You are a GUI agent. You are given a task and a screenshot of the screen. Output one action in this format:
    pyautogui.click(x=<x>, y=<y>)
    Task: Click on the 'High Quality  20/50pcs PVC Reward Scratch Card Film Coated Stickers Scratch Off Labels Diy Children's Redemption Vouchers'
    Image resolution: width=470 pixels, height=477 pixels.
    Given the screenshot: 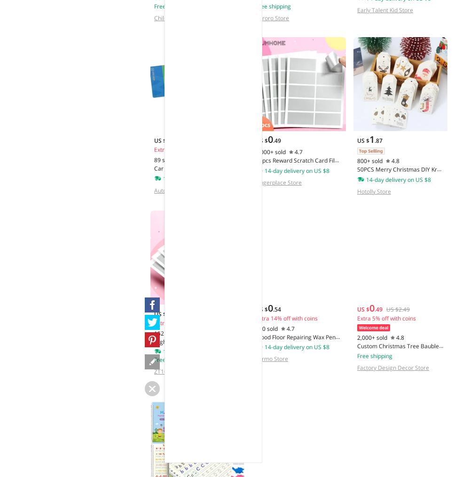 What is the action you would take?
    pyautogui.click(x=196, y=354)
    